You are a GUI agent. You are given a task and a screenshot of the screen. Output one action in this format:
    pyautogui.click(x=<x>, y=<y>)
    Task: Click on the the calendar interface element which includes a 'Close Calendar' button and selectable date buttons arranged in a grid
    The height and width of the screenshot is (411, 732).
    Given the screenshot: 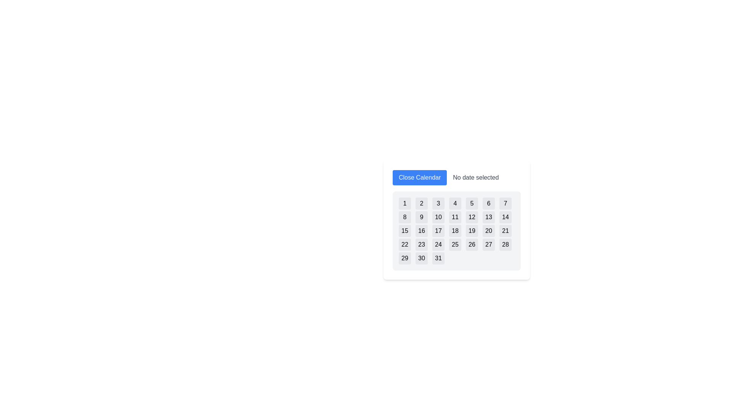 What is the action you would take?
    pyautogui.click(x=457, y=220)
    